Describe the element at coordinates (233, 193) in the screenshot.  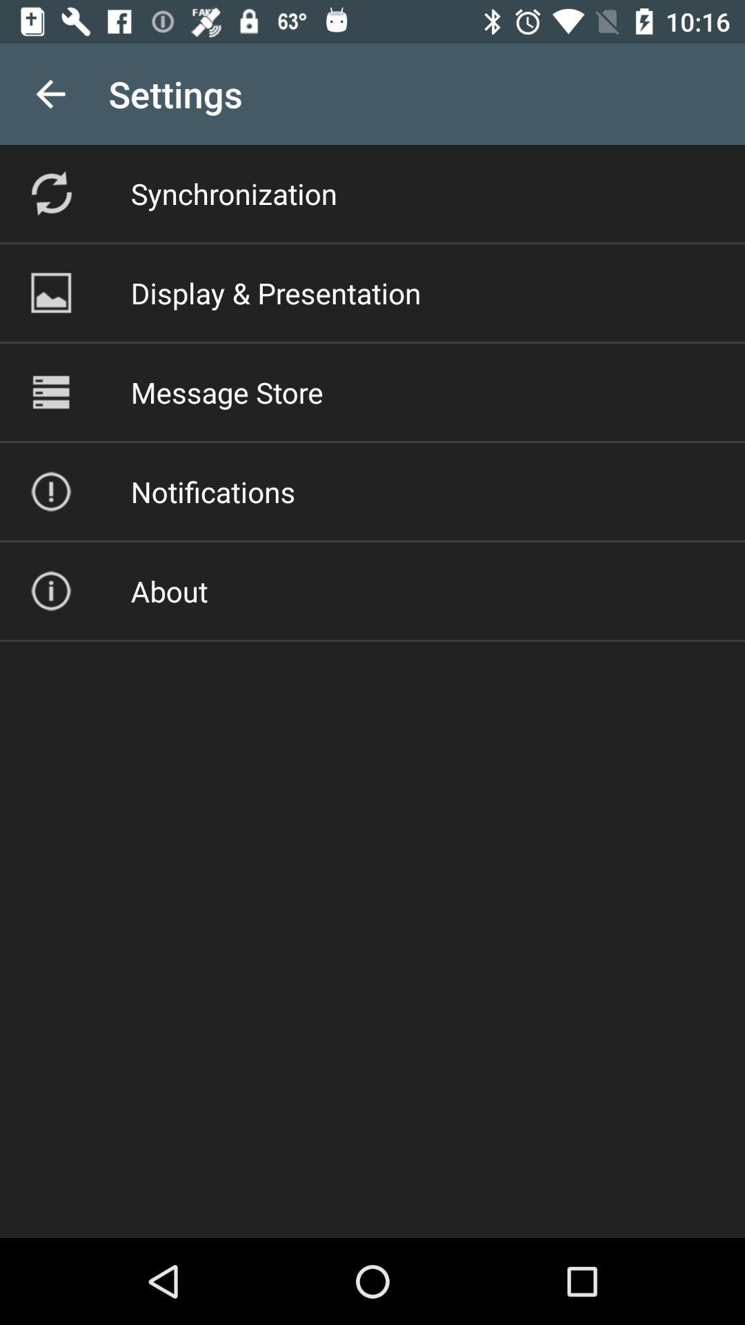
I see `the icon below settings icon` at that location.